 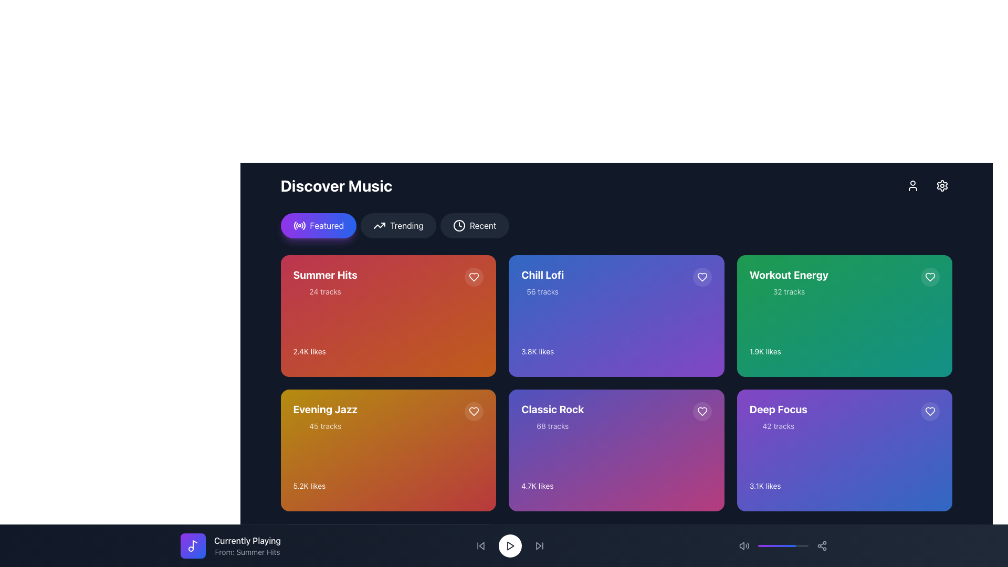 I want to click on the text label displaying '5.2K likes' which is located in the bottom-left corner of the 'Evening Jazz' card, distinct from other components, so click(x=309, y=486).